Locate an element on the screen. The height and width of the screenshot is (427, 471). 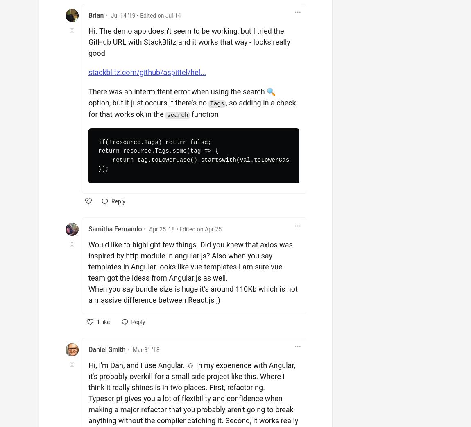
'stackblitz.com/github/aspittel/hel...' is located at coordinates (147, 72).